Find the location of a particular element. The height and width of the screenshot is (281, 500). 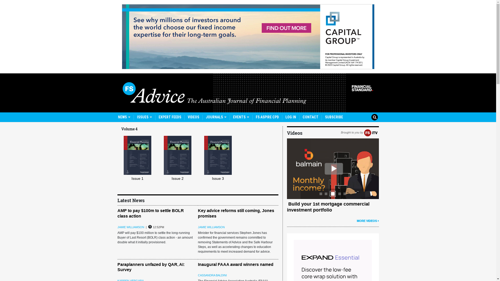

'Paraplanners unfazed by QAR, AI: Survey' is located at coordinates (151, 267).